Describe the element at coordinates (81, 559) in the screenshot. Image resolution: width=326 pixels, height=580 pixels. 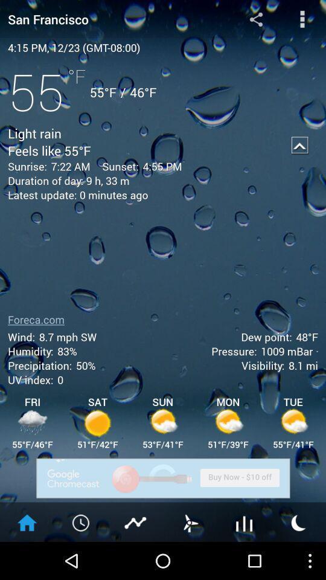
I see `the time icon` at that location.